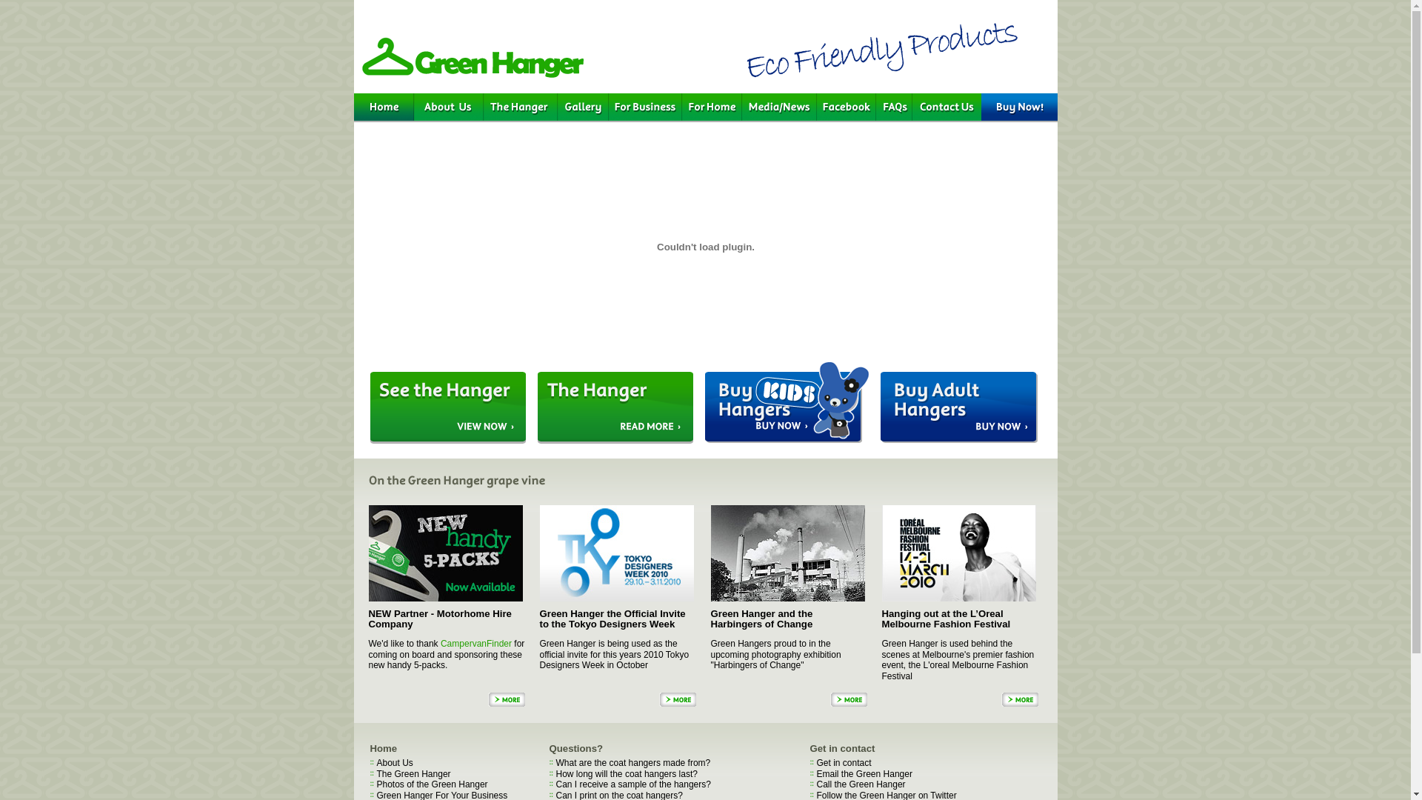 The width and height of the screenshot is (1422, 800). Describe the element at coordinates (626, 773) in the screenshot. I see `'How long will the coat hangers last?'` at that location.